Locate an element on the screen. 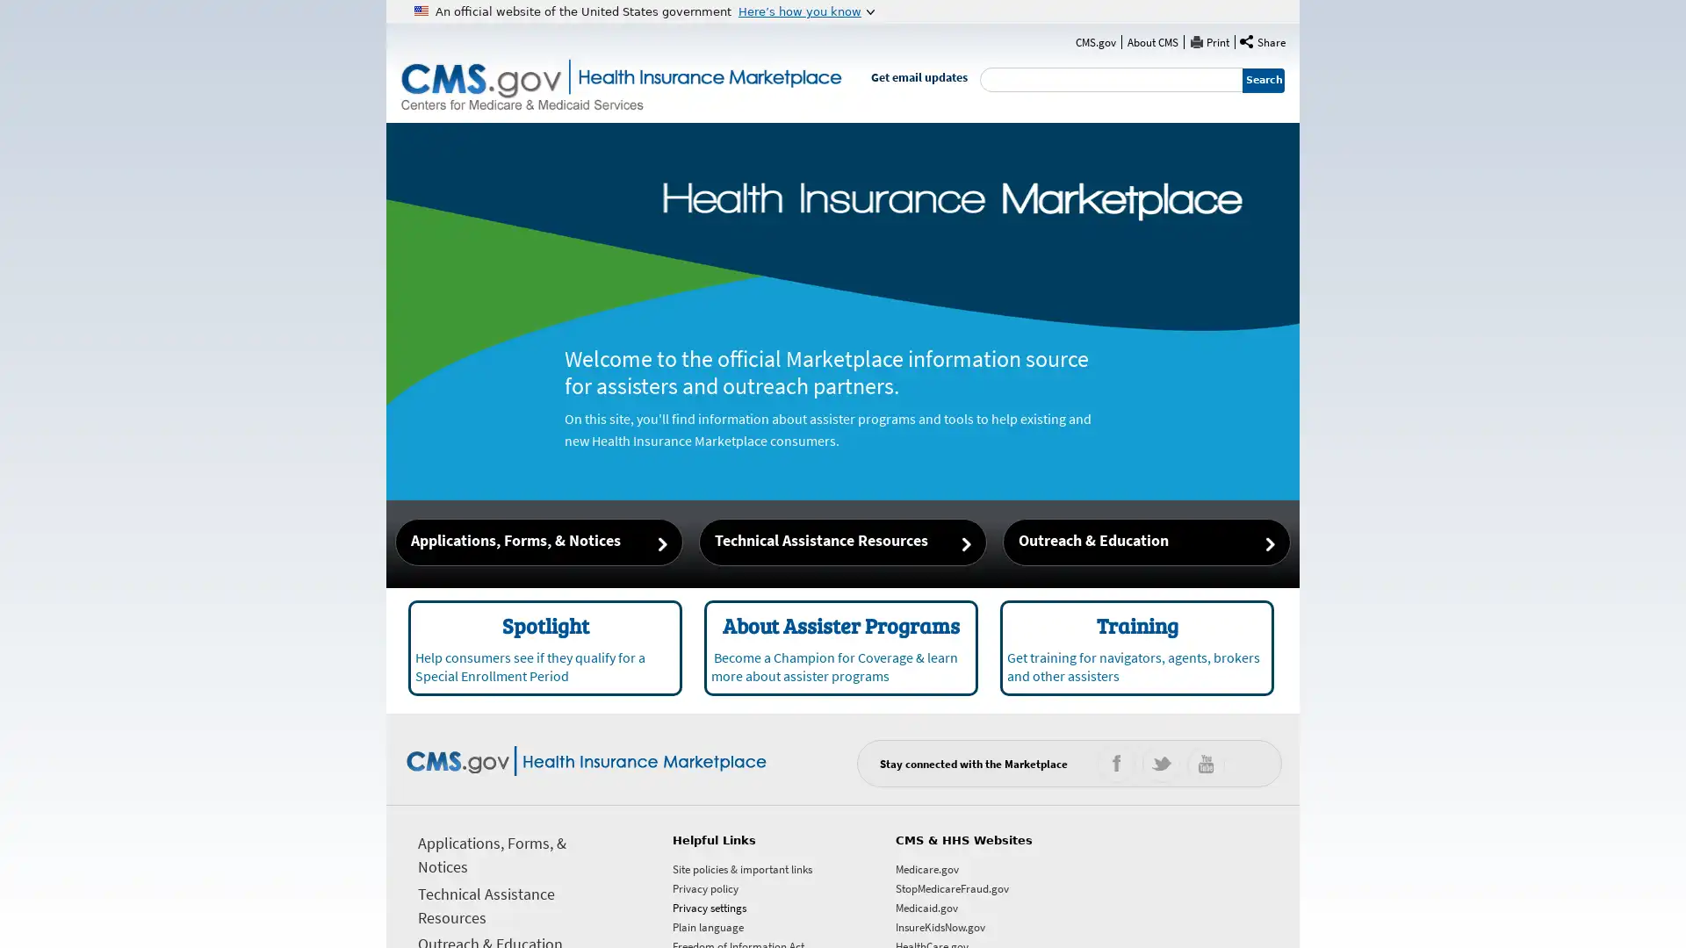  Search is located at coordinates (1263, 80).